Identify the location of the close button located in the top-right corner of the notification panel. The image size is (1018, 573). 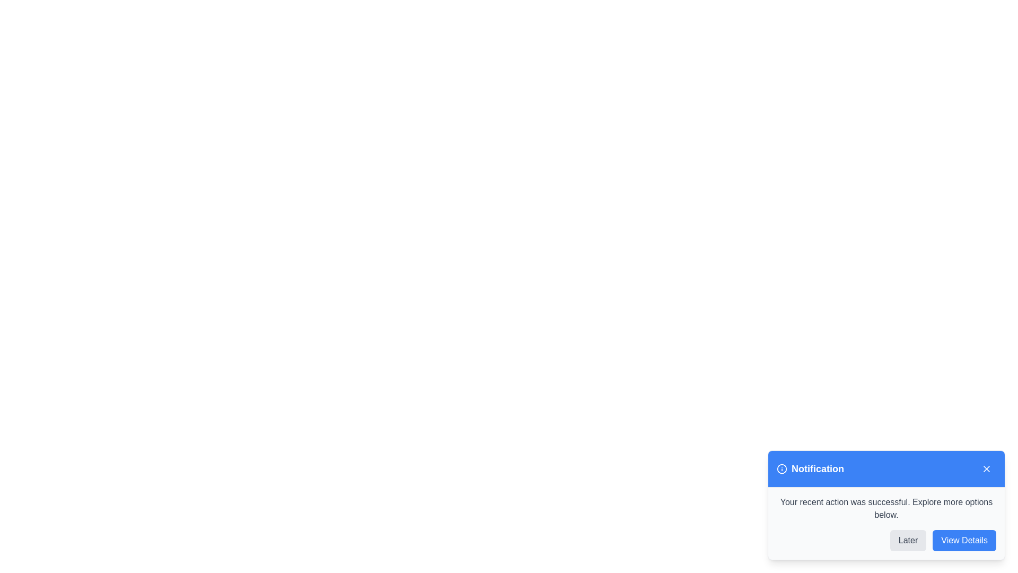
(986, 468).